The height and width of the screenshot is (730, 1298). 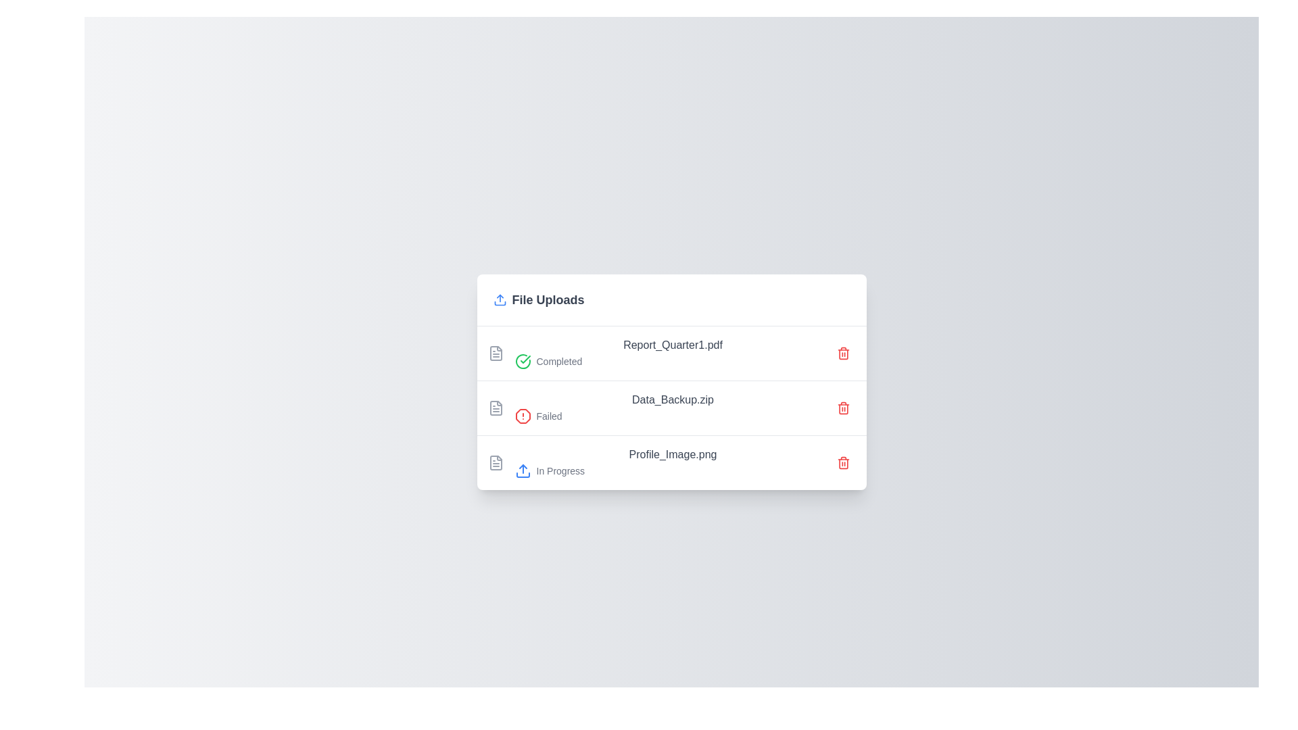 I want to click on the text label displaying 'Failed', which is colored red and indicates an error status, located to the right of a red octagonal error icon in the second row of a table aligned with 'Data_Backup.zip', so click(x=549, y=415).